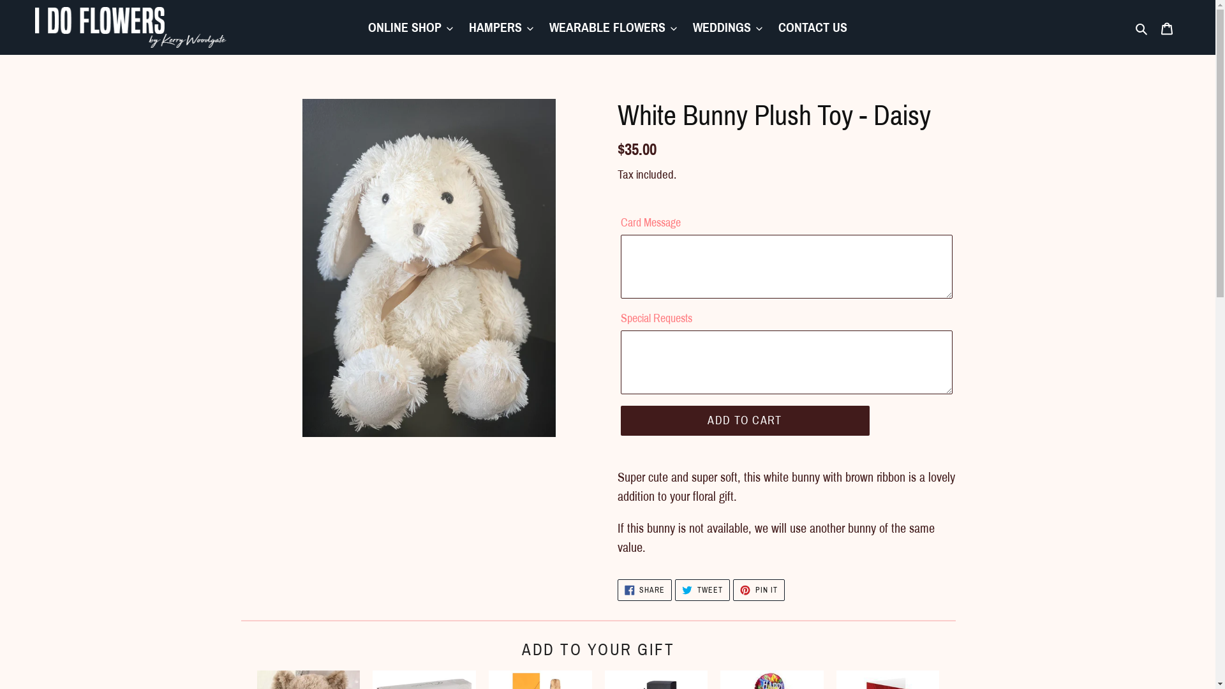 The height and width of the screenshot is (689, 1225). I want to click on 'CONTACT US', so click(812, 27).